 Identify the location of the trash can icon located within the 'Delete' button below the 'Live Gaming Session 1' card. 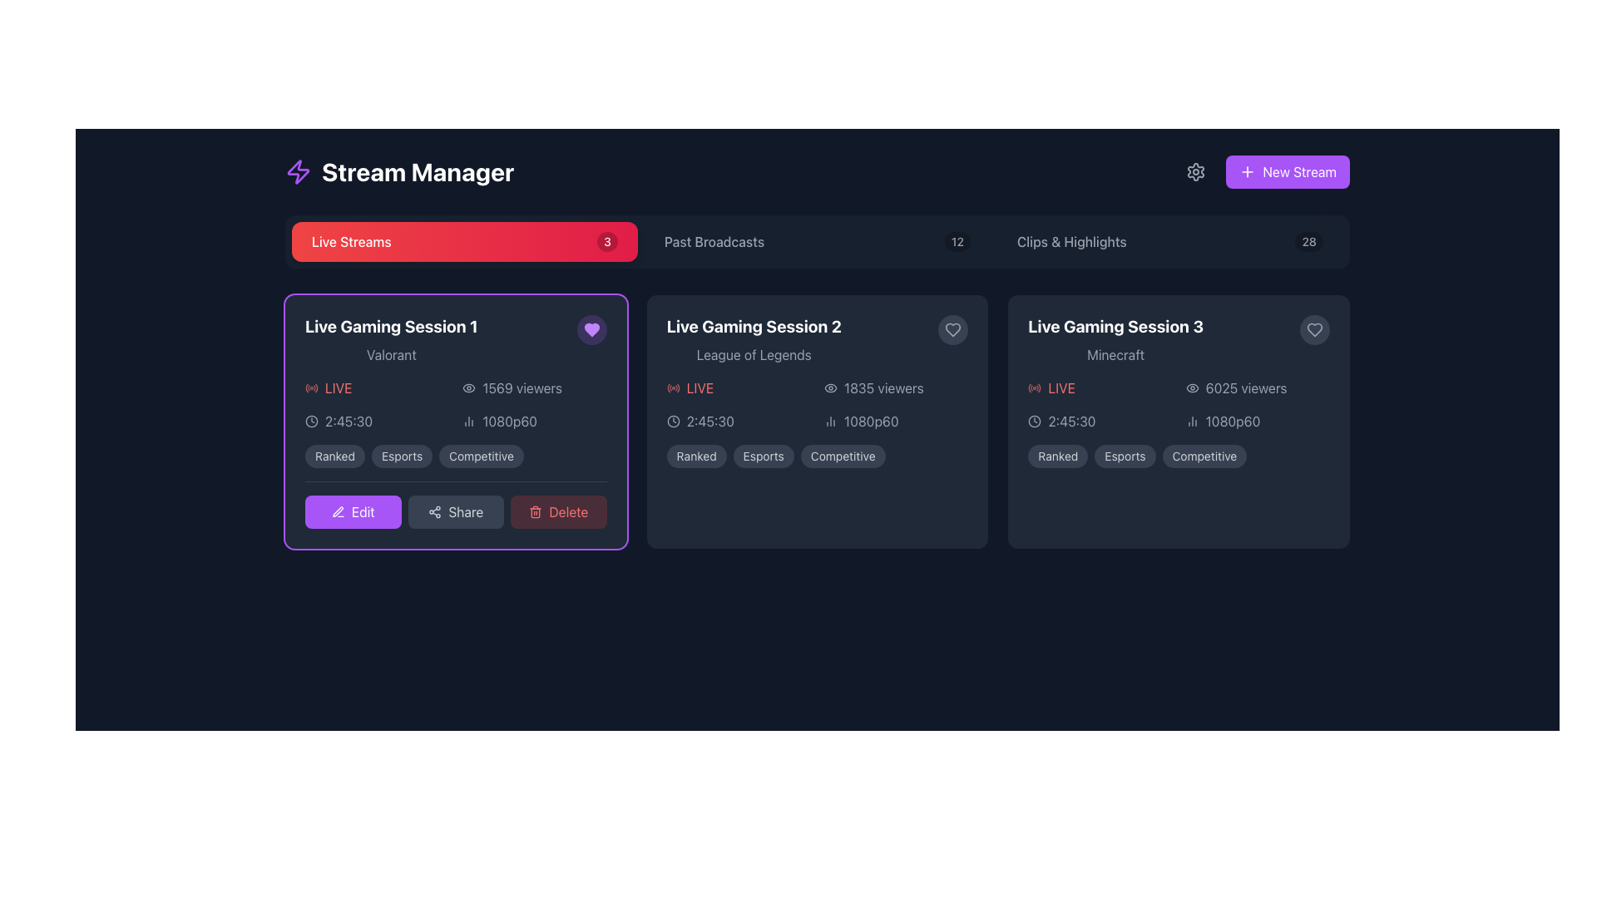
(536, 511).